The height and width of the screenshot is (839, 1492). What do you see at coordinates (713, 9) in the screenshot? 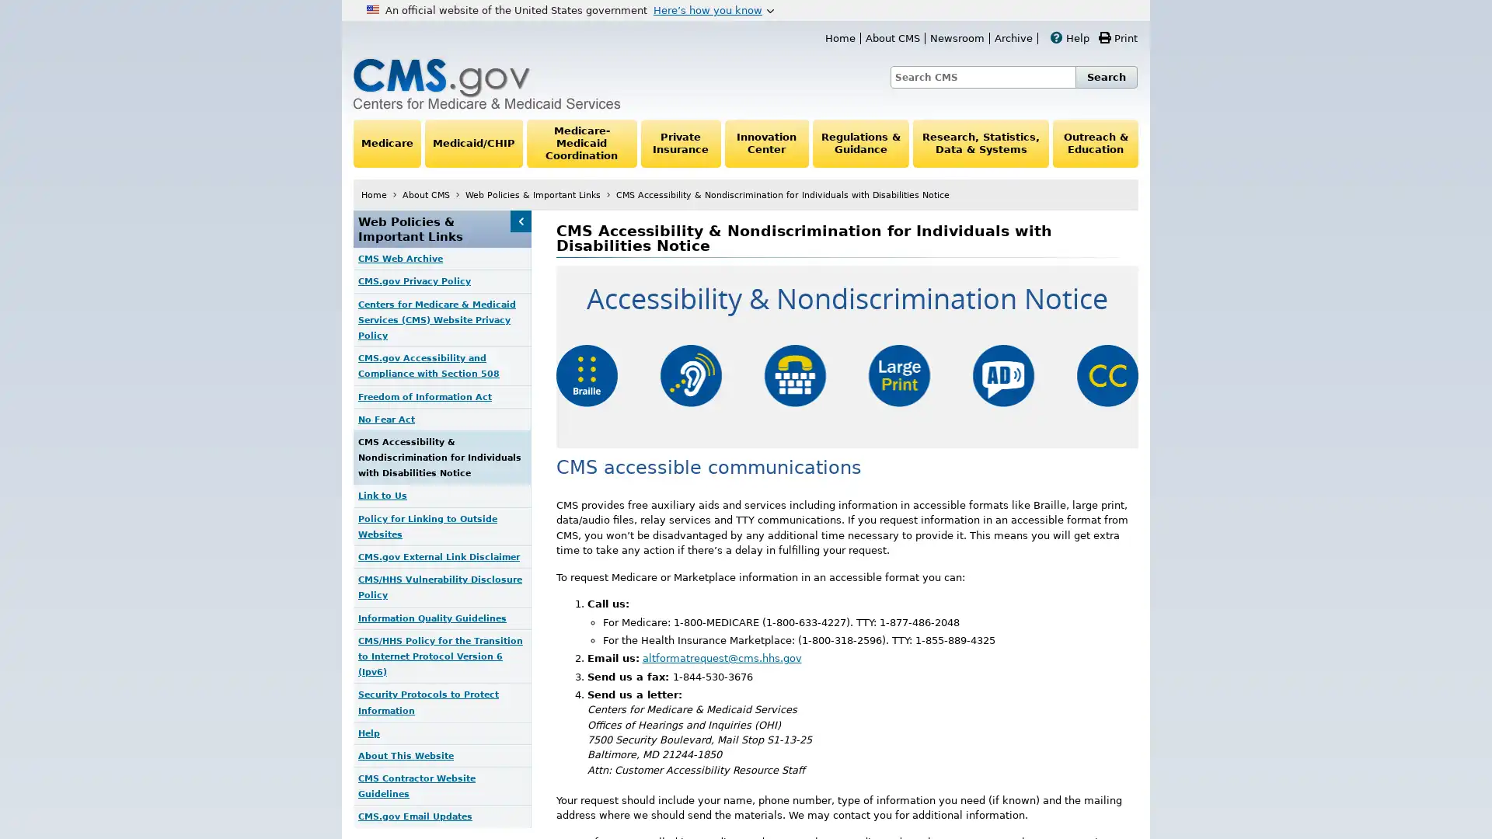
I see `Heres how you know` at bounding box center [713, 9].